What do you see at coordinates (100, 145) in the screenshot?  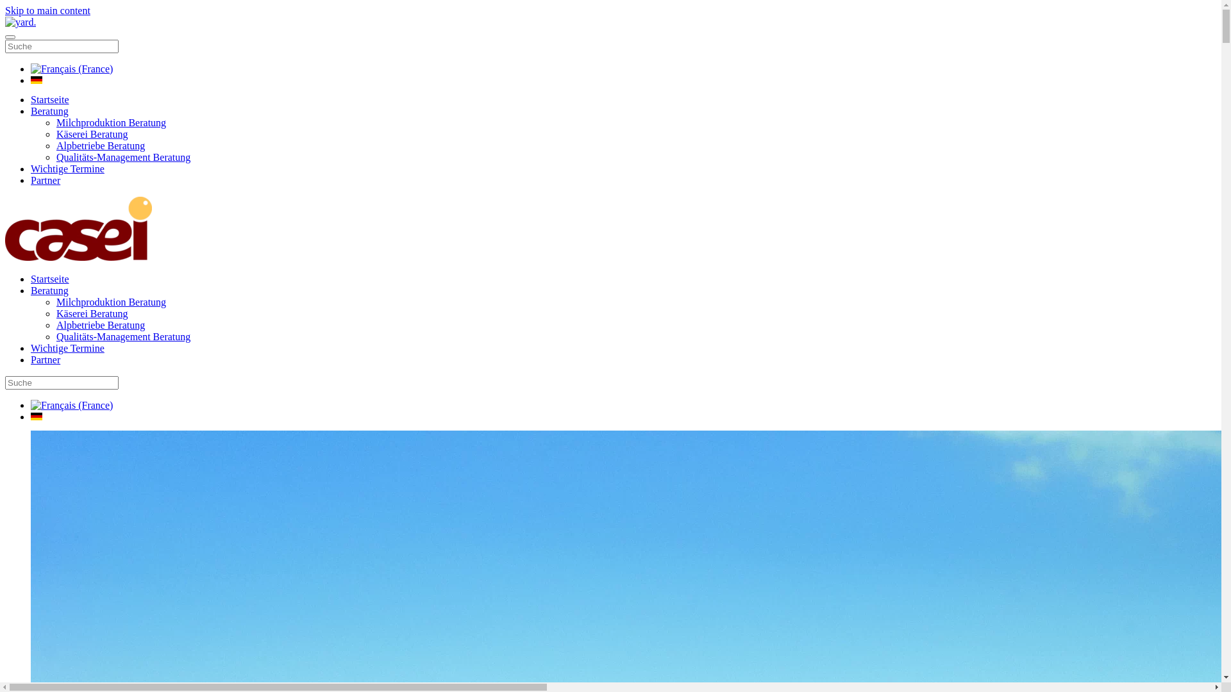 I see `'Alpbetriebe Beratung'` at bounding box center [100, 145].